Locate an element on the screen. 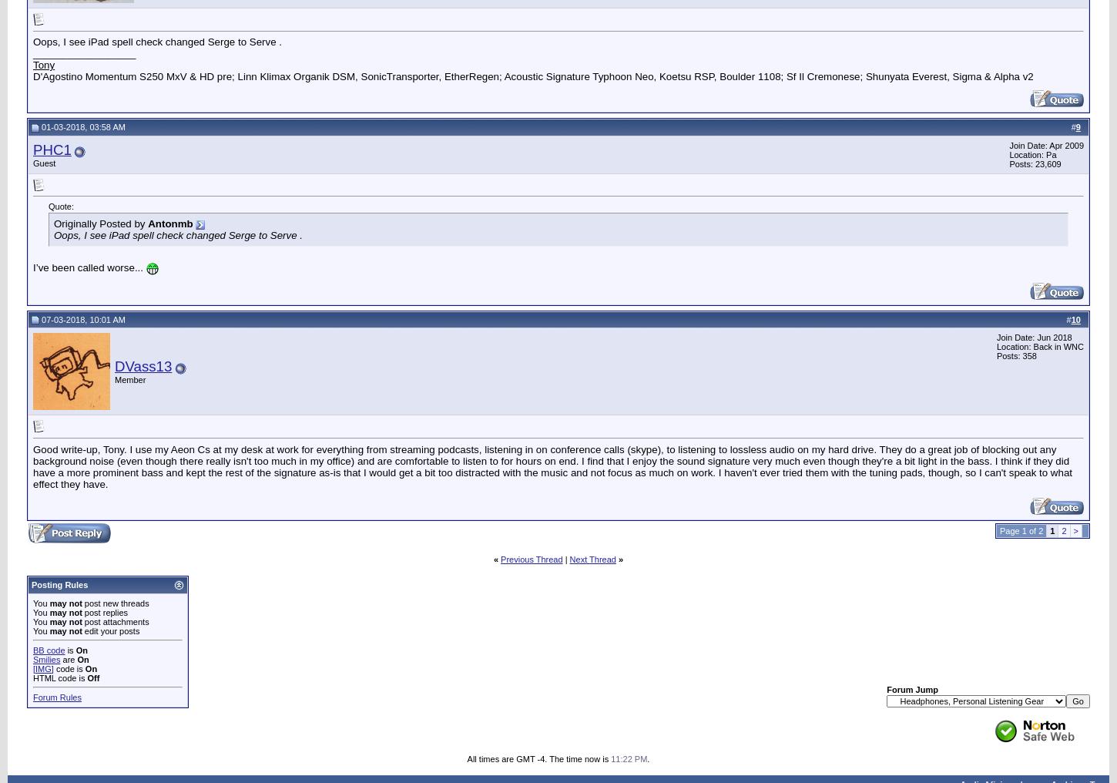 This screenshot has width=1117, height=783. 'Forum Jump' is located at coordinates (911, 687).